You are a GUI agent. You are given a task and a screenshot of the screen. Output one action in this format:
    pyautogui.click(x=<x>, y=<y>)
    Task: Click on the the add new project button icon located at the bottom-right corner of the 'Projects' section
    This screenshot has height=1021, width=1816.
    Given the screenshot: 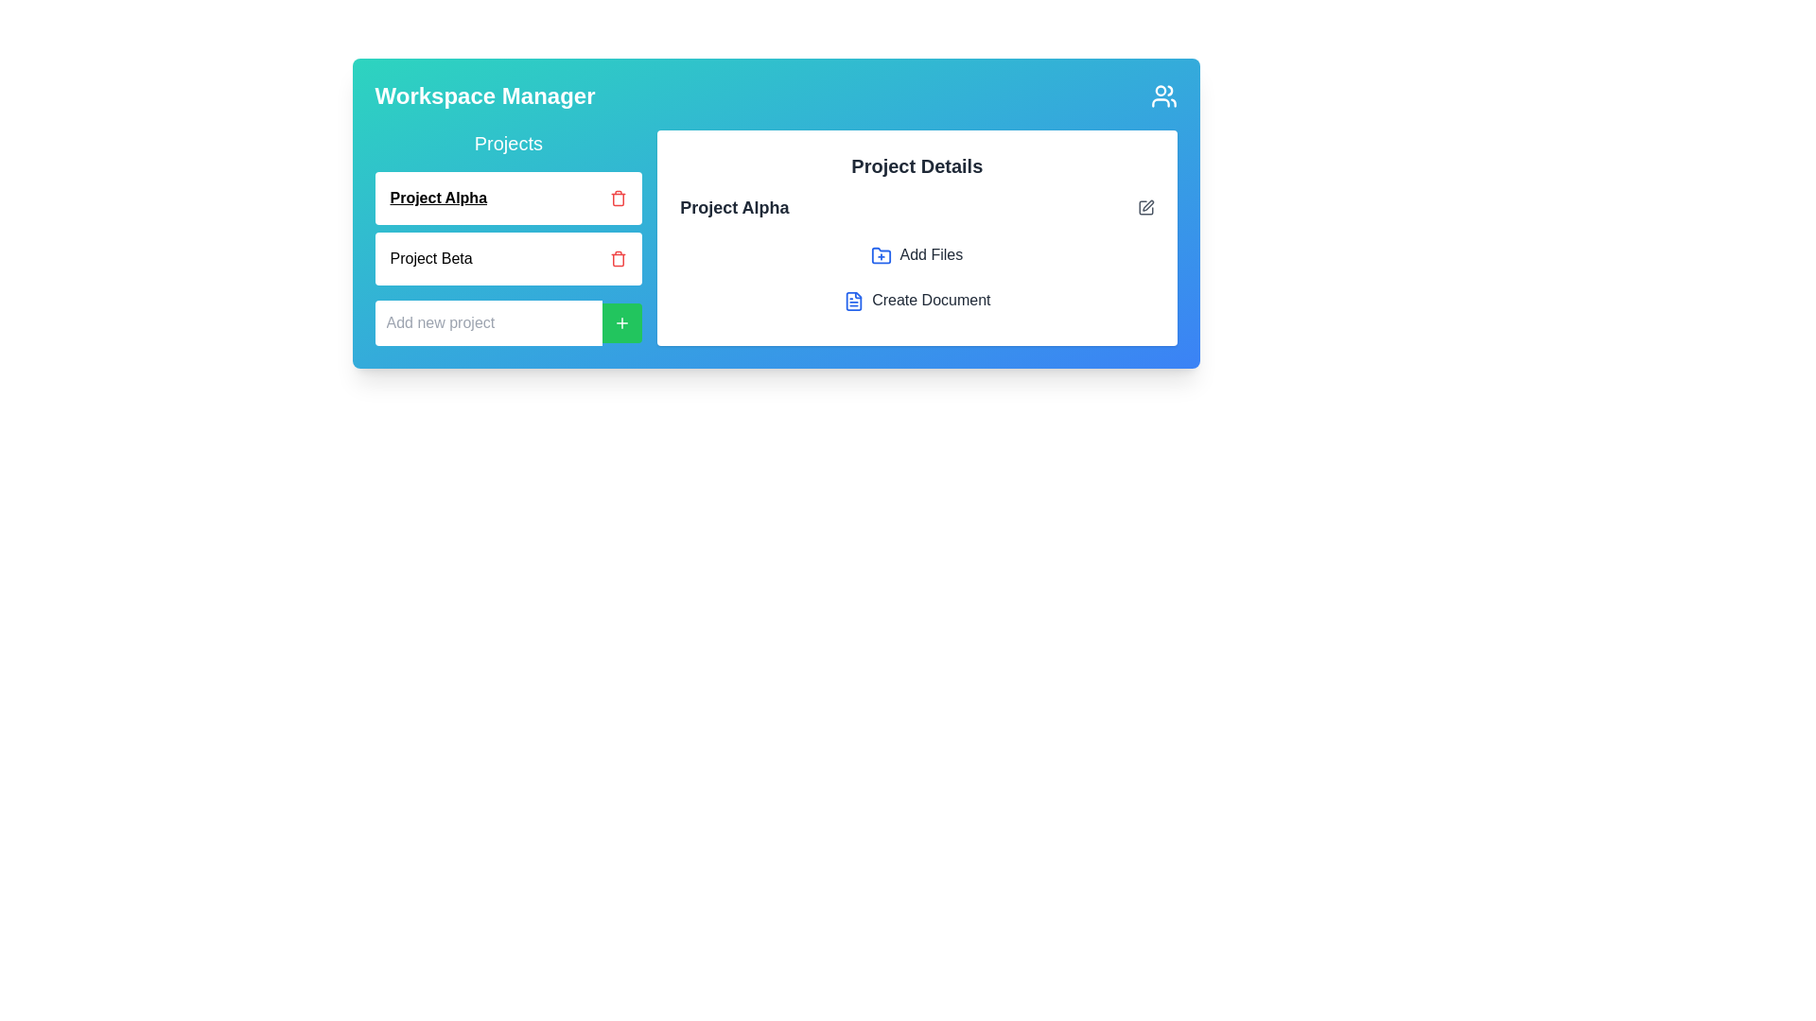 What is the action you would take?
    pyautogui.click(x=622, y=322)
    